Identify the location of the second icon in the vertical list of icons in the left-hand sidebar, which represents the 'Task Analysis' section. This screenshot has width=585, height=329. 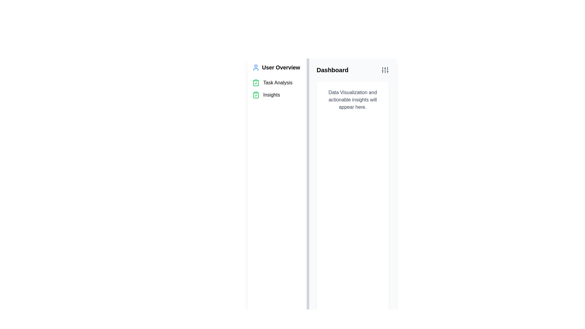
(256, 83).